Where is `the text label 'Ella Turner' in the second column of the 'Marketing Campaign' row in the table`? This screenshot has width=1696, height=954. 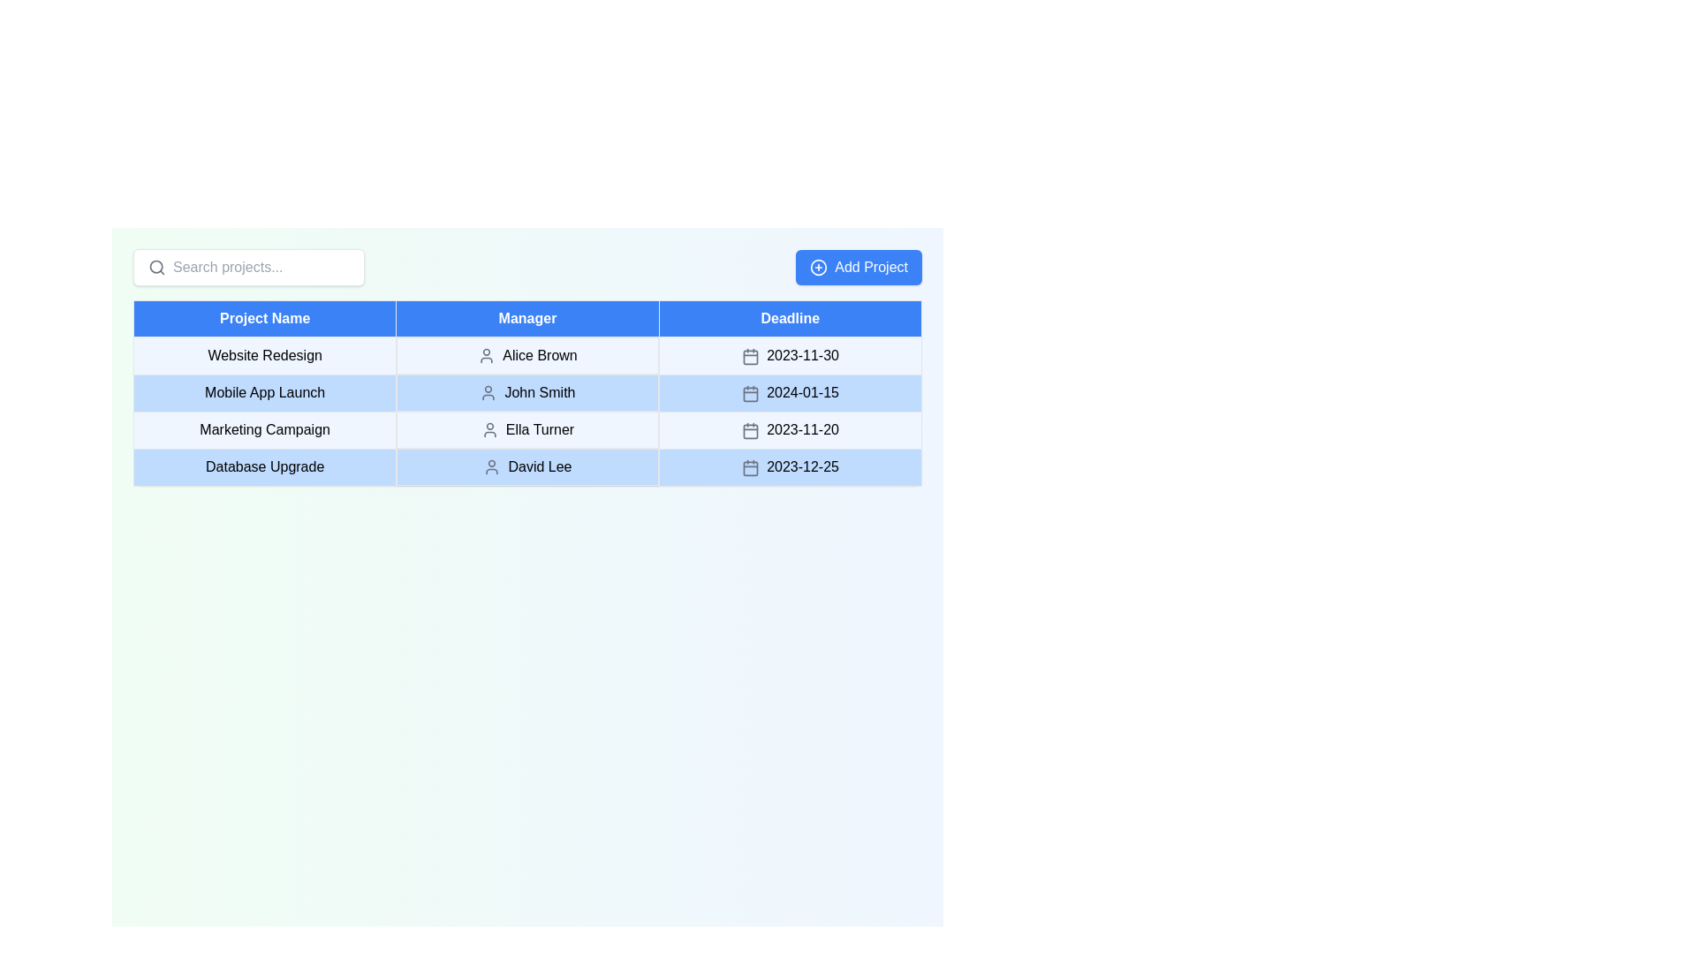 the text label 'Ella Turner' in the second column of the 'Marketing Campaign' row in the table is located at coordinates (526, 429).